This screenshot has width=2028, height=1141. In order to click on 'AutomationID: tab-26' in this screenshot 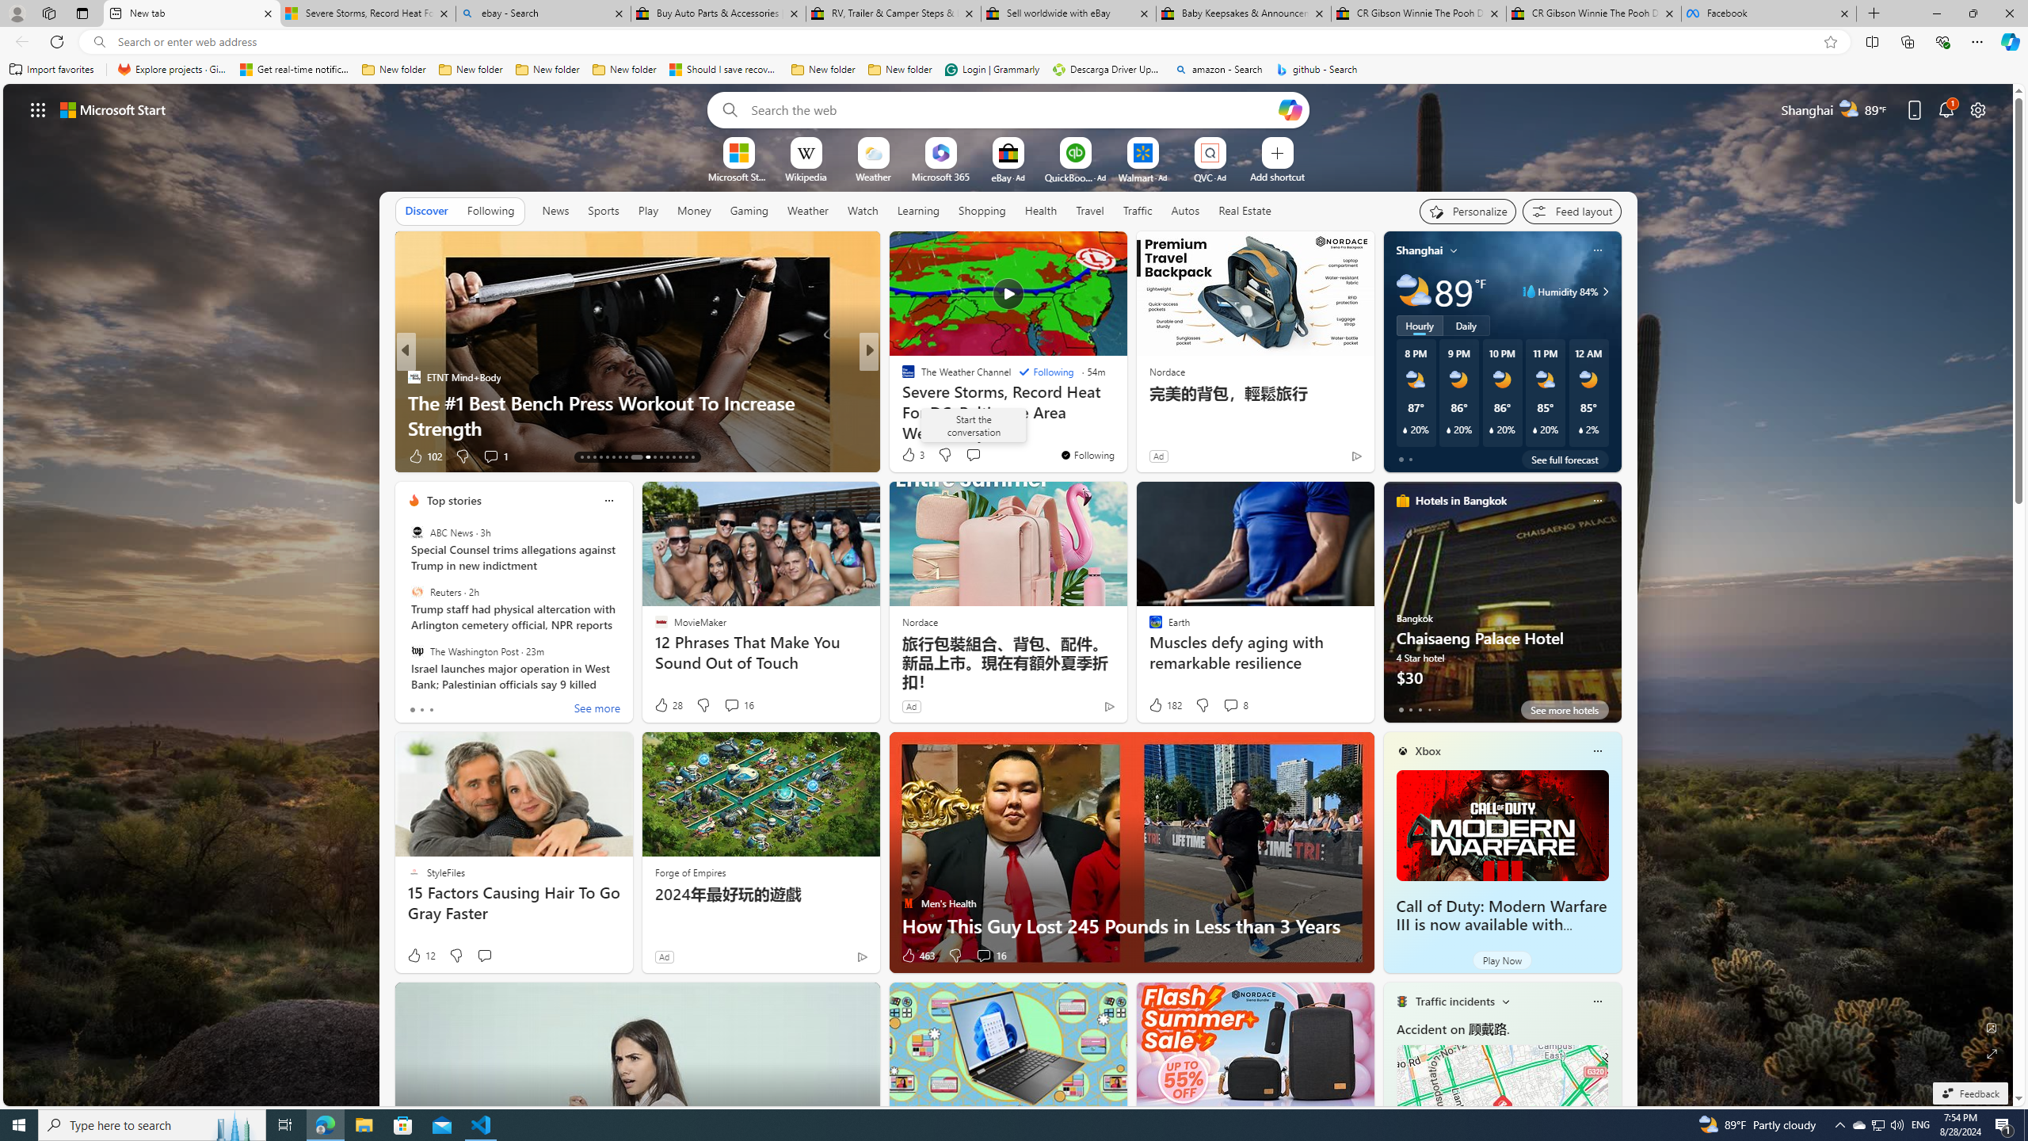, I will do `click(672, 457)`.